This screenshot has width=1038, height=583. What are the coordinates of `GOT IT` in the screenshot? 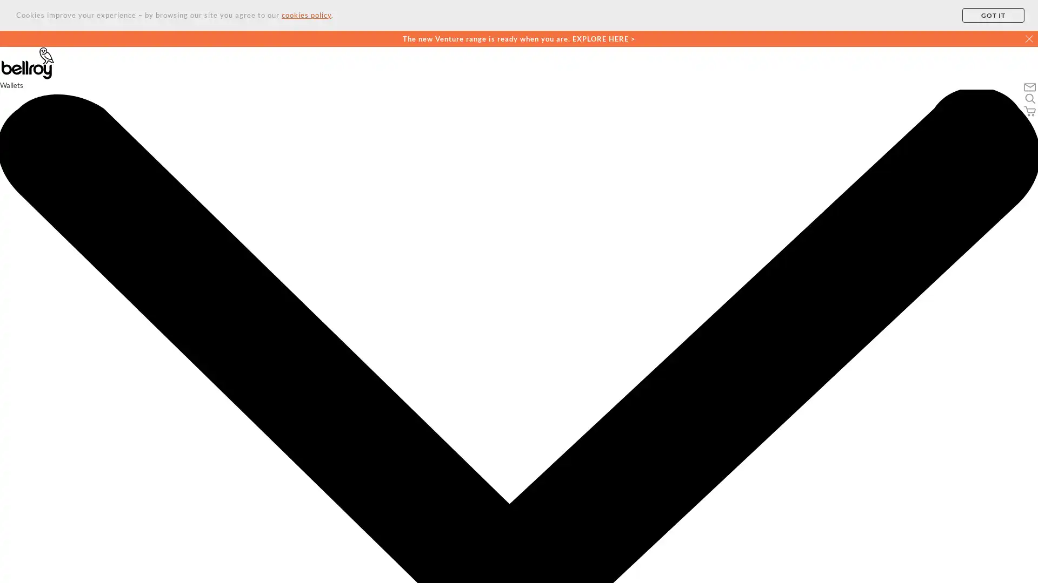 It's located at (993, 15).